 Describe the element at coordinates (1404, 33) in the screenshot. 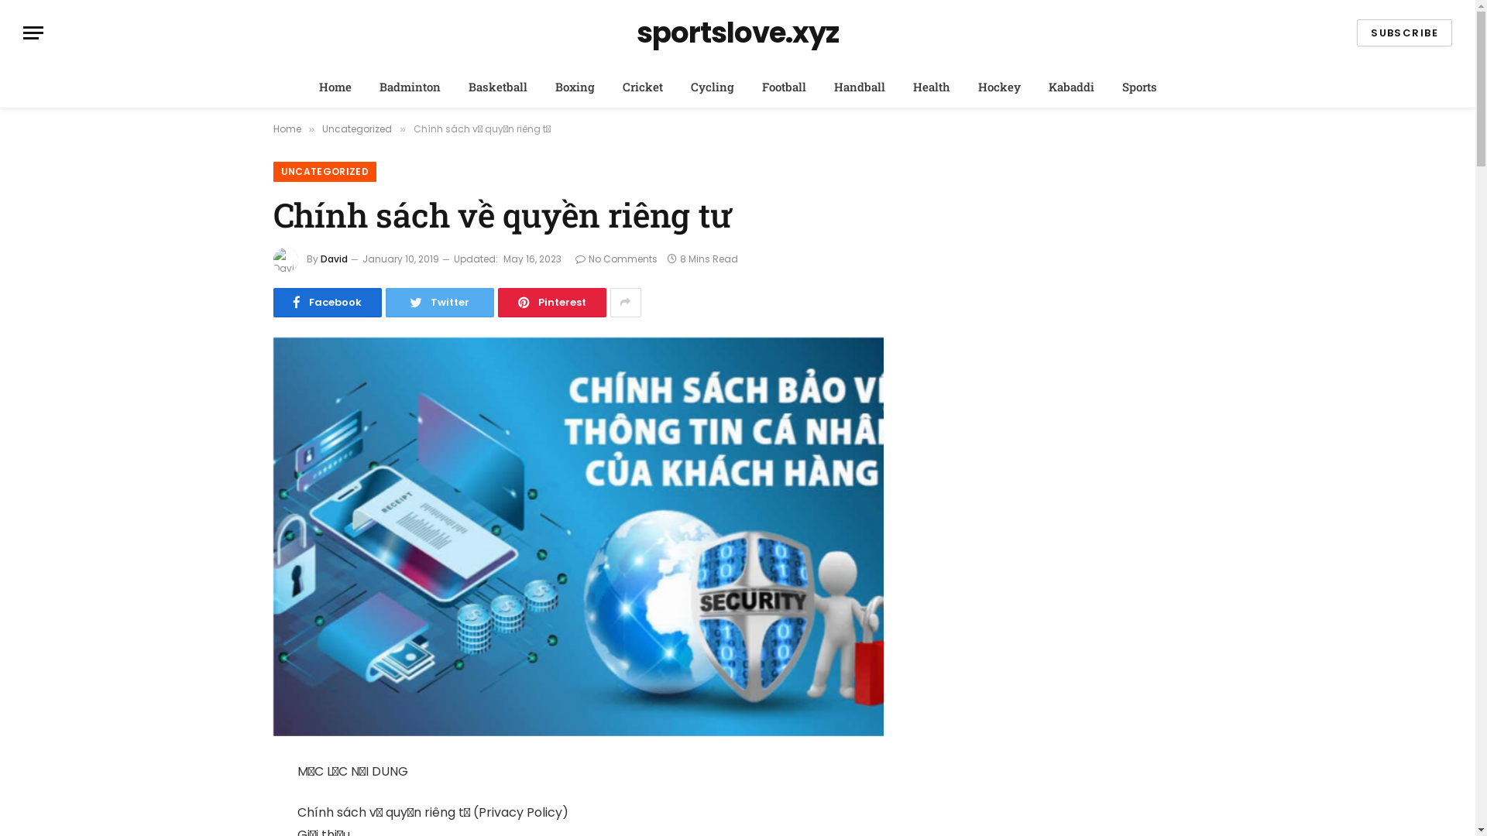

I see `'SUBSCRIBE'` at that location.